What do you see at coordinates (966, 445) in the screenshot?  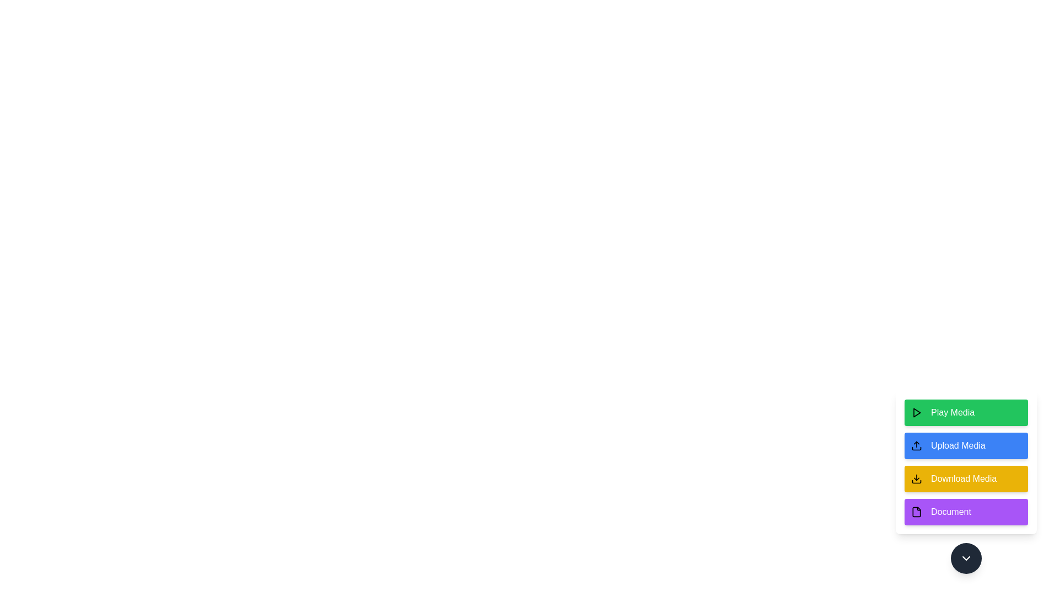 I see `the 'Upload Media' button` at bounding box center [966, 445].